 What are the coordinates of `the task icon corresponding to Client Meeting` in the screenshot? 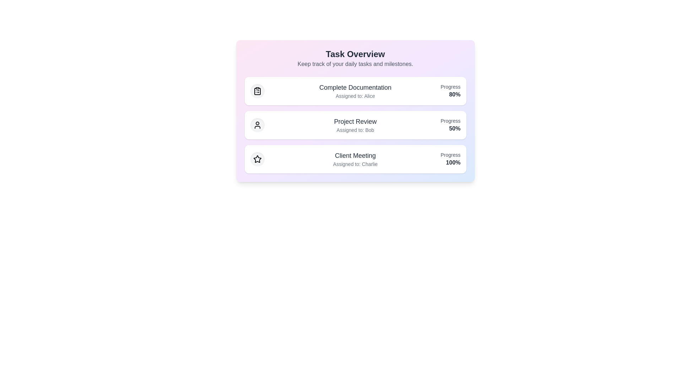 It's located at (257, 159).